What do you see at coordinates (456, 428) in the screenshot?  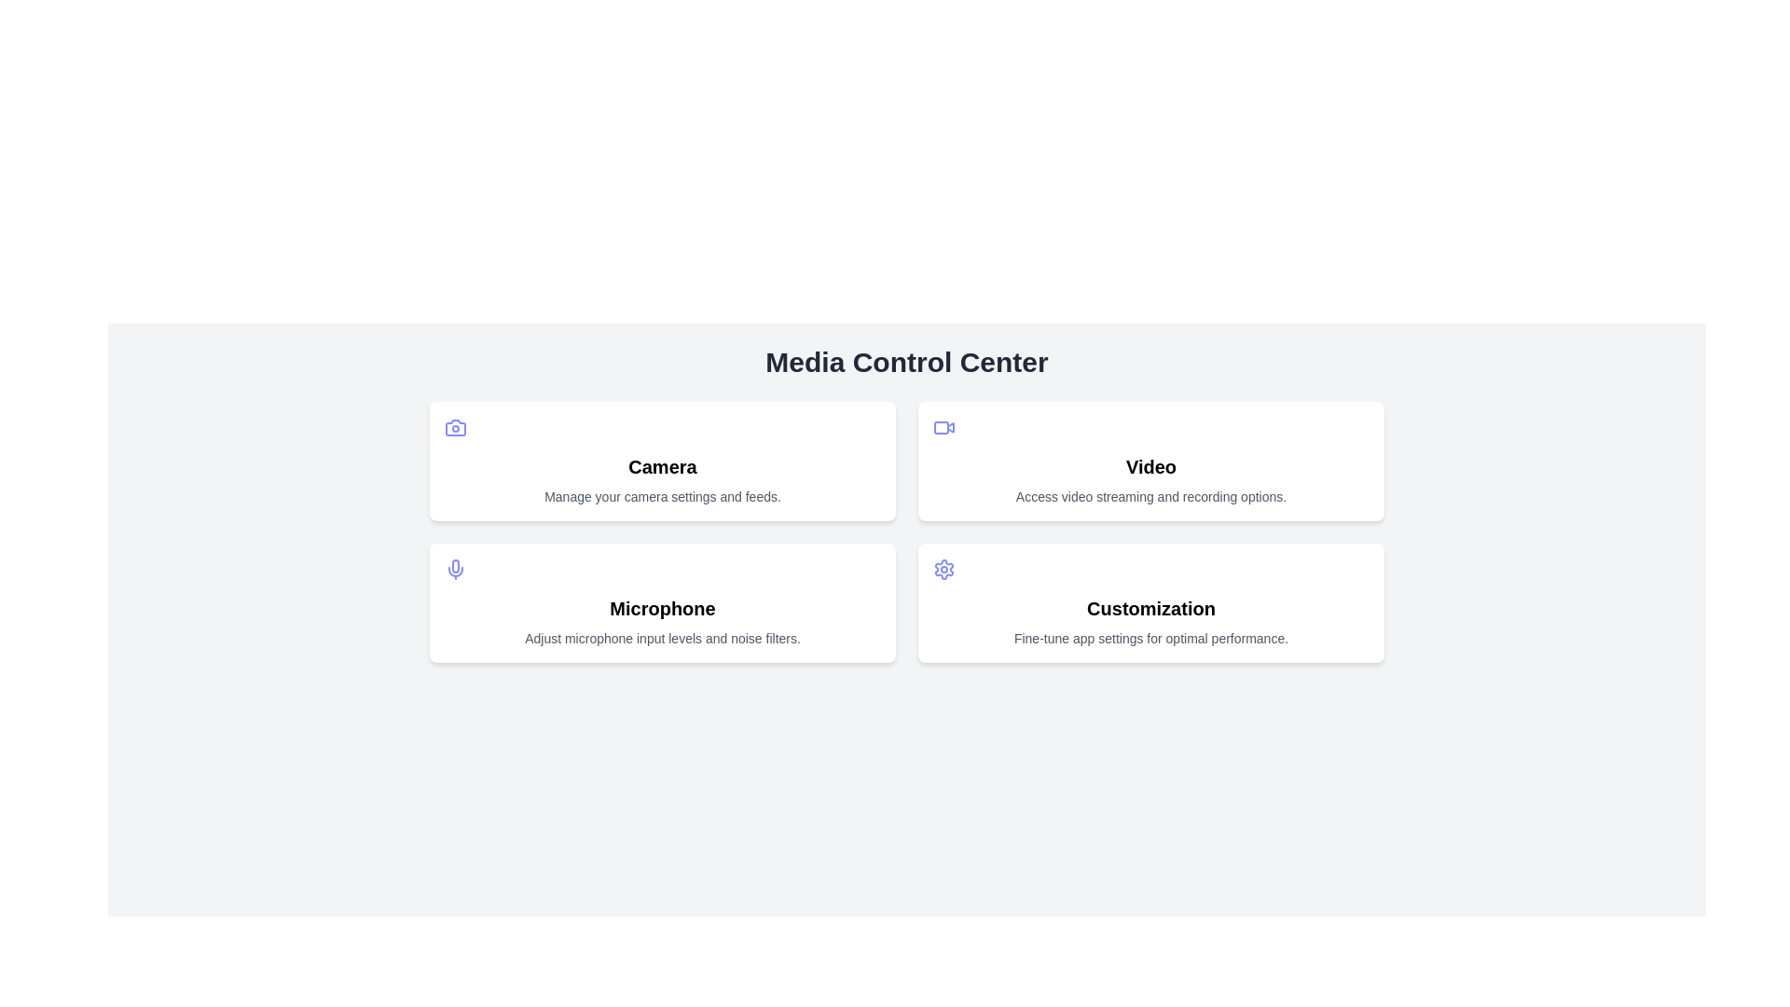 I see `the camera icon located in the top left card of the interface titled 'Camera'` at bounding box center [456, 428].